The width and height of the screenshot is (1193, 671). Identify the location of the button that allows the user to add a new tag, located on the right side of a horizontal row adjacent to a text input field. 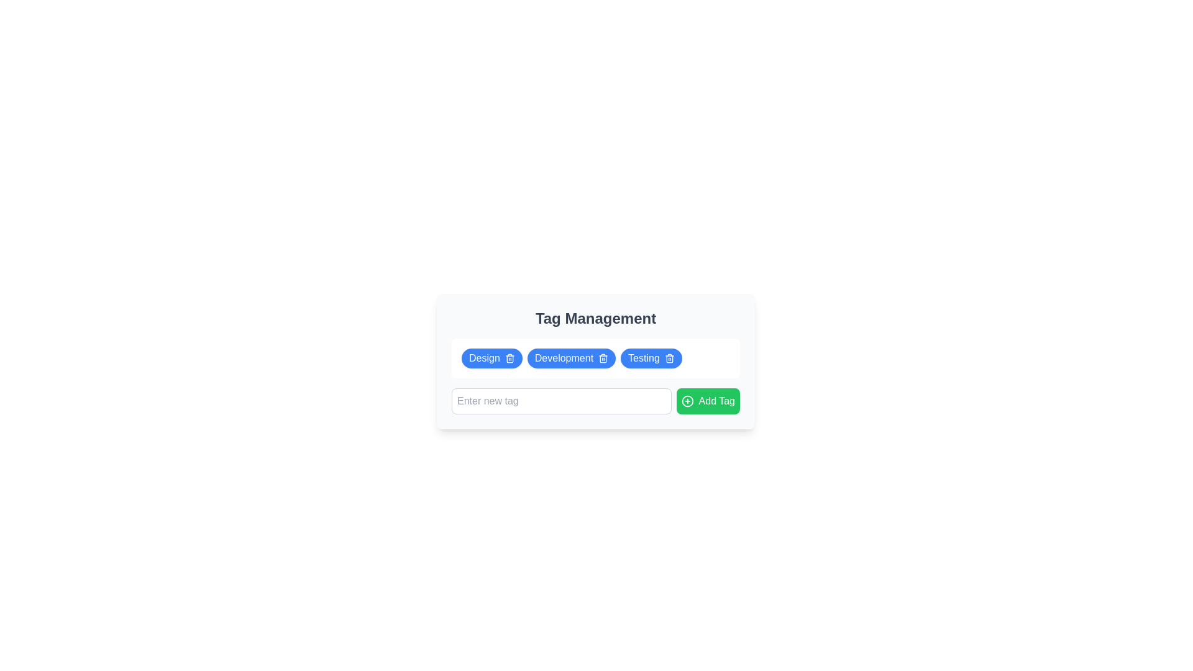
(708, 401).